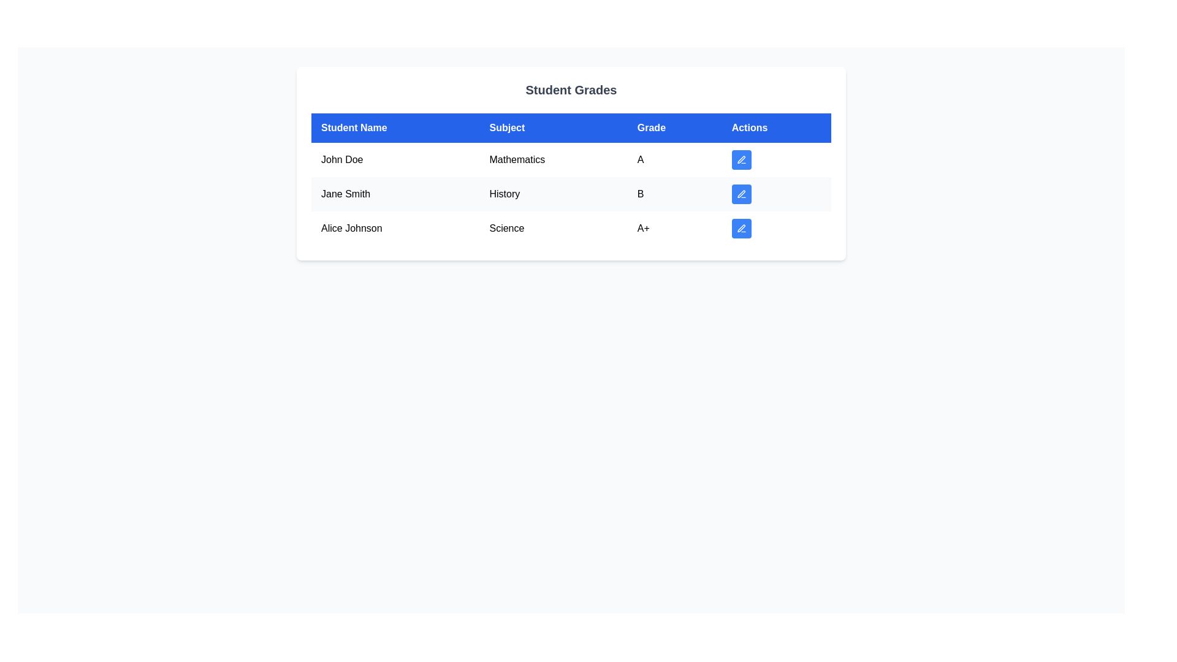  Describe the element at coordinates (553, 229) in the screenshot. I see `the table cell representing the subject associated with the student Alice Johnson in the 'Subject' column` at that location.